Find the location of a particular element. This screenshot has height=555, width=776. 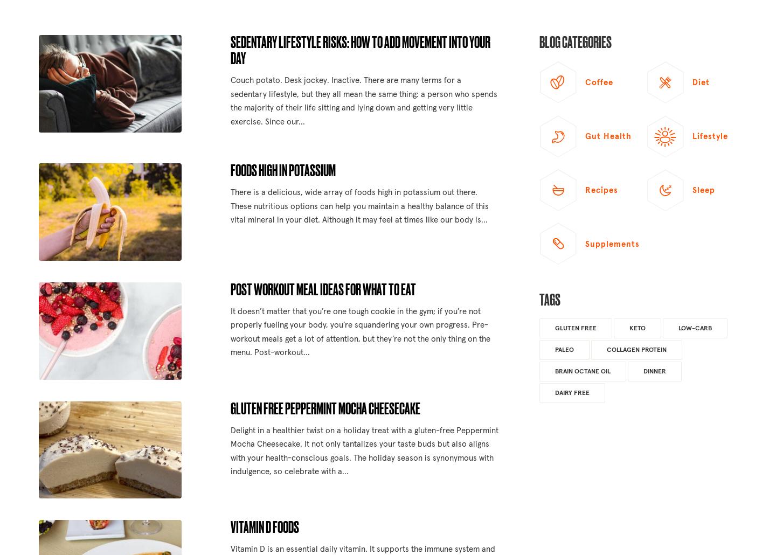

'Vitamin D Foods' is located at coordinates (264, 526).